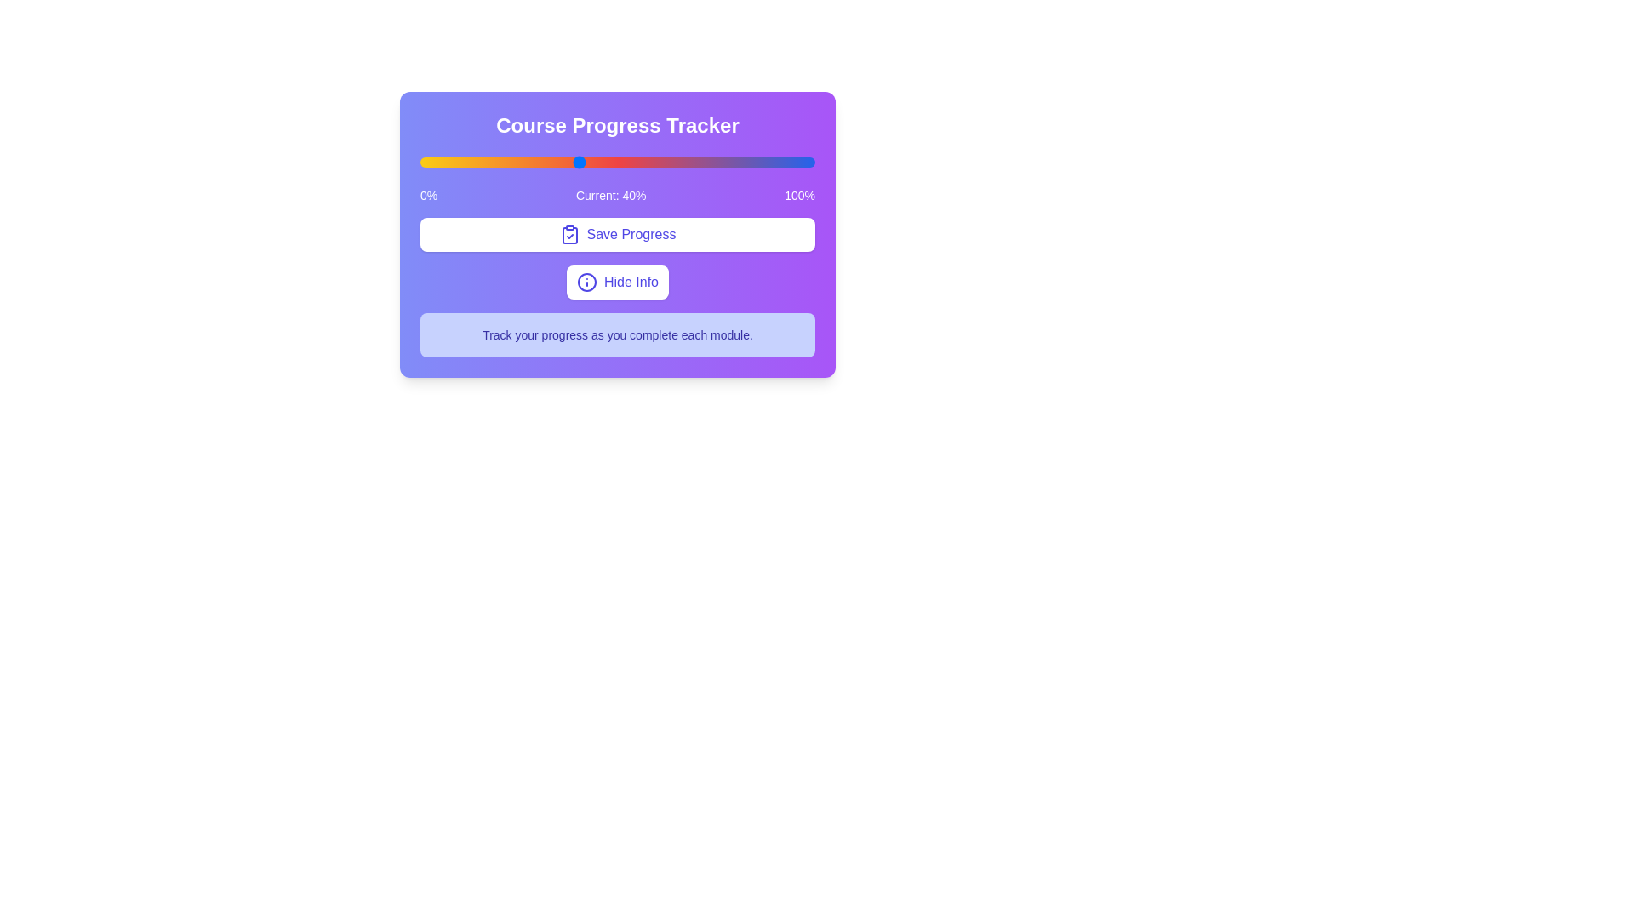  I want to click on the course progress, so click(763, 163).